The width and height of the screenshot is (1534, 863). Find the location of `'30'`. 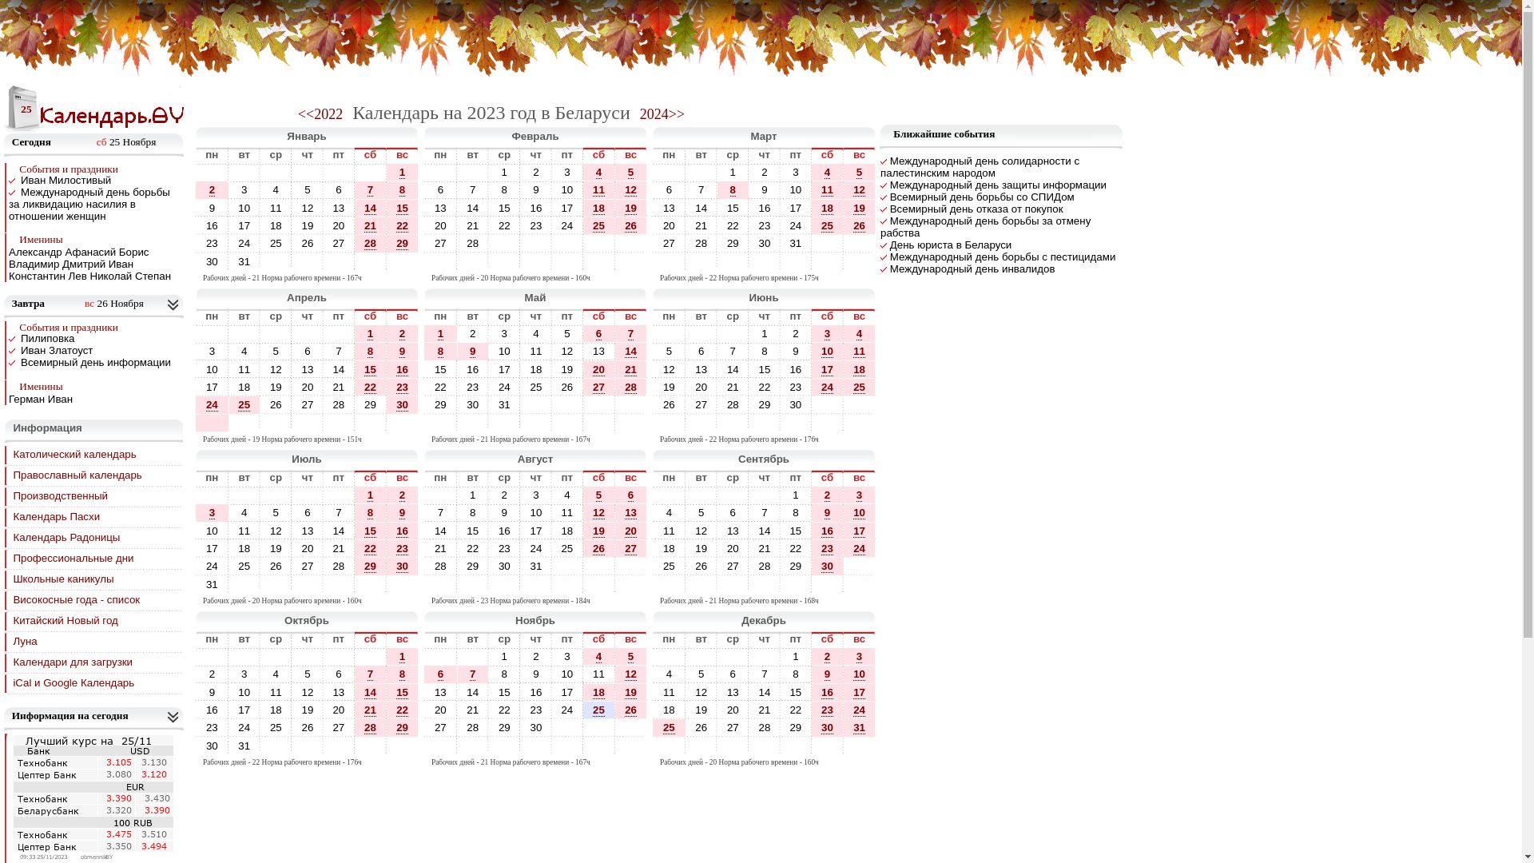

'30' is located at coordinates (536, 727).